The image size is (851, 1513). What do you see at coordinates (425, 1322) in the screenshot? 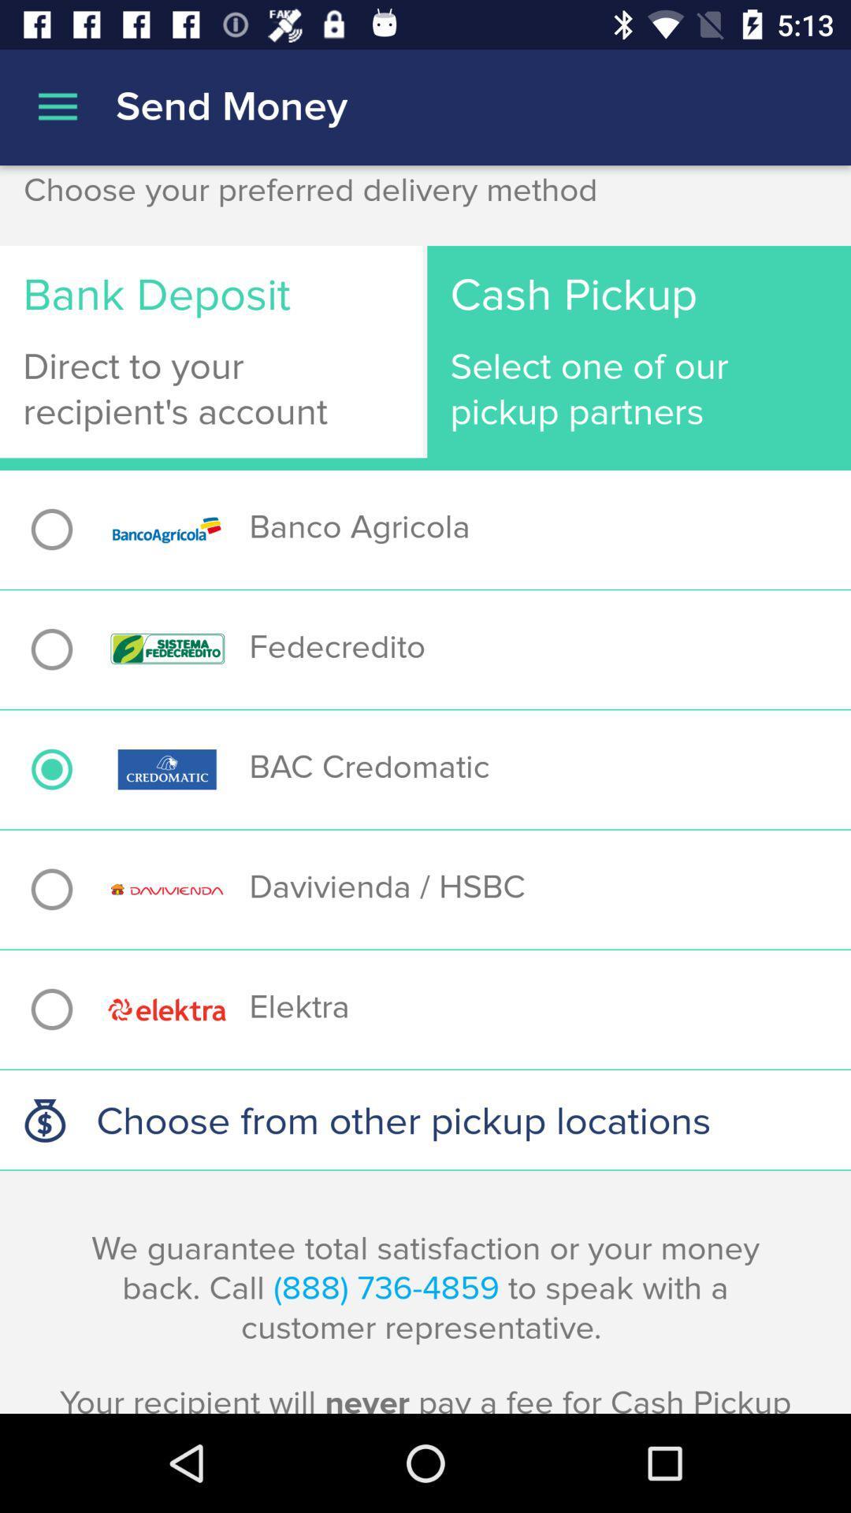
I see `the item below choose from other` at bounding box center [425, 1322].